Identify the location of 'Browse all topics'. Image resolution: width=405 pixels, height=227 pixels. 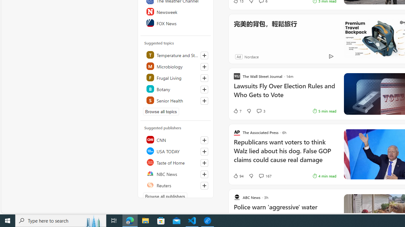
(161, 111).